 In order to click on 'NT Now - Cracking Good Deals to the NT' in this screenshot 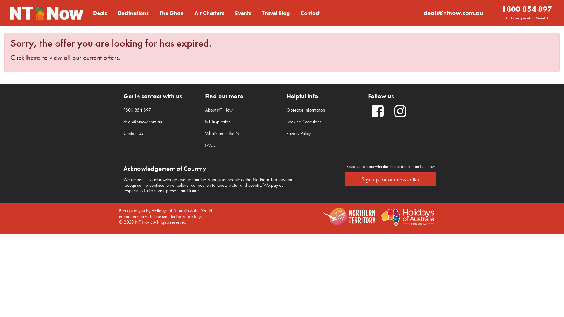, I will do `click(9, 13)`.